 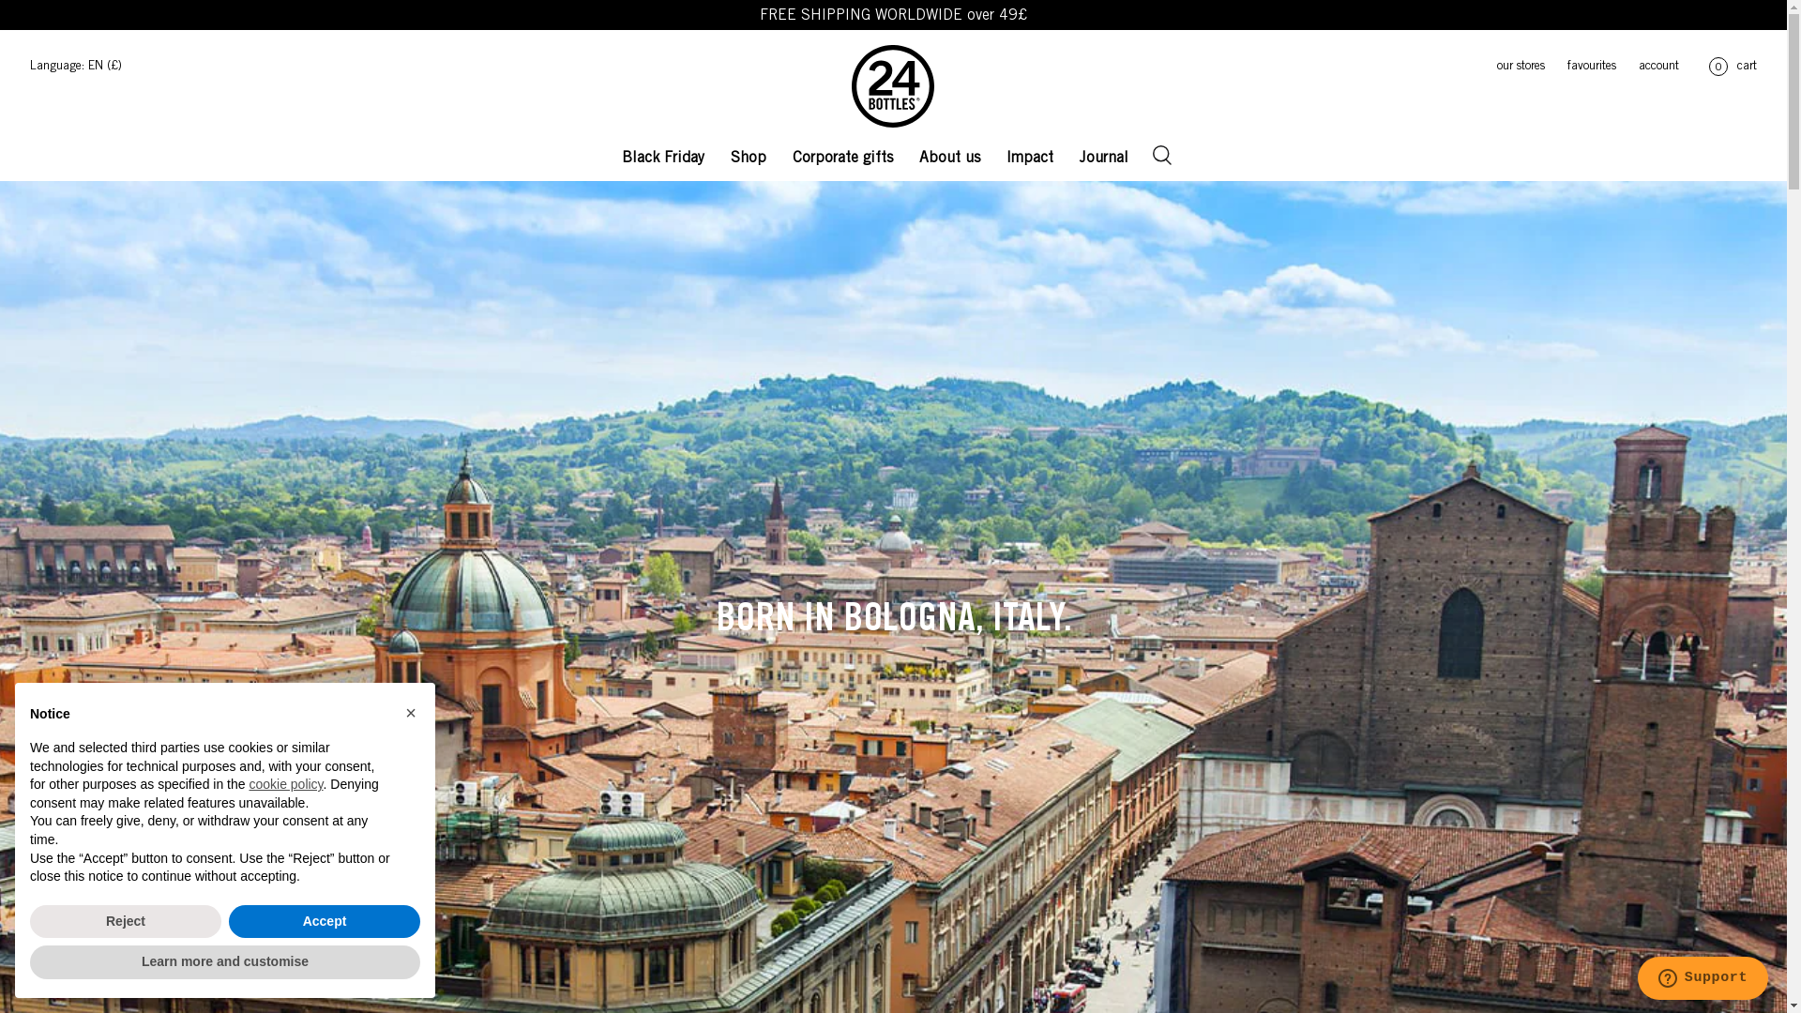 What do you see at coordinates (617, 153) in the screenshot?
I see `'Black Friday'` at bounding box center [617, 153].